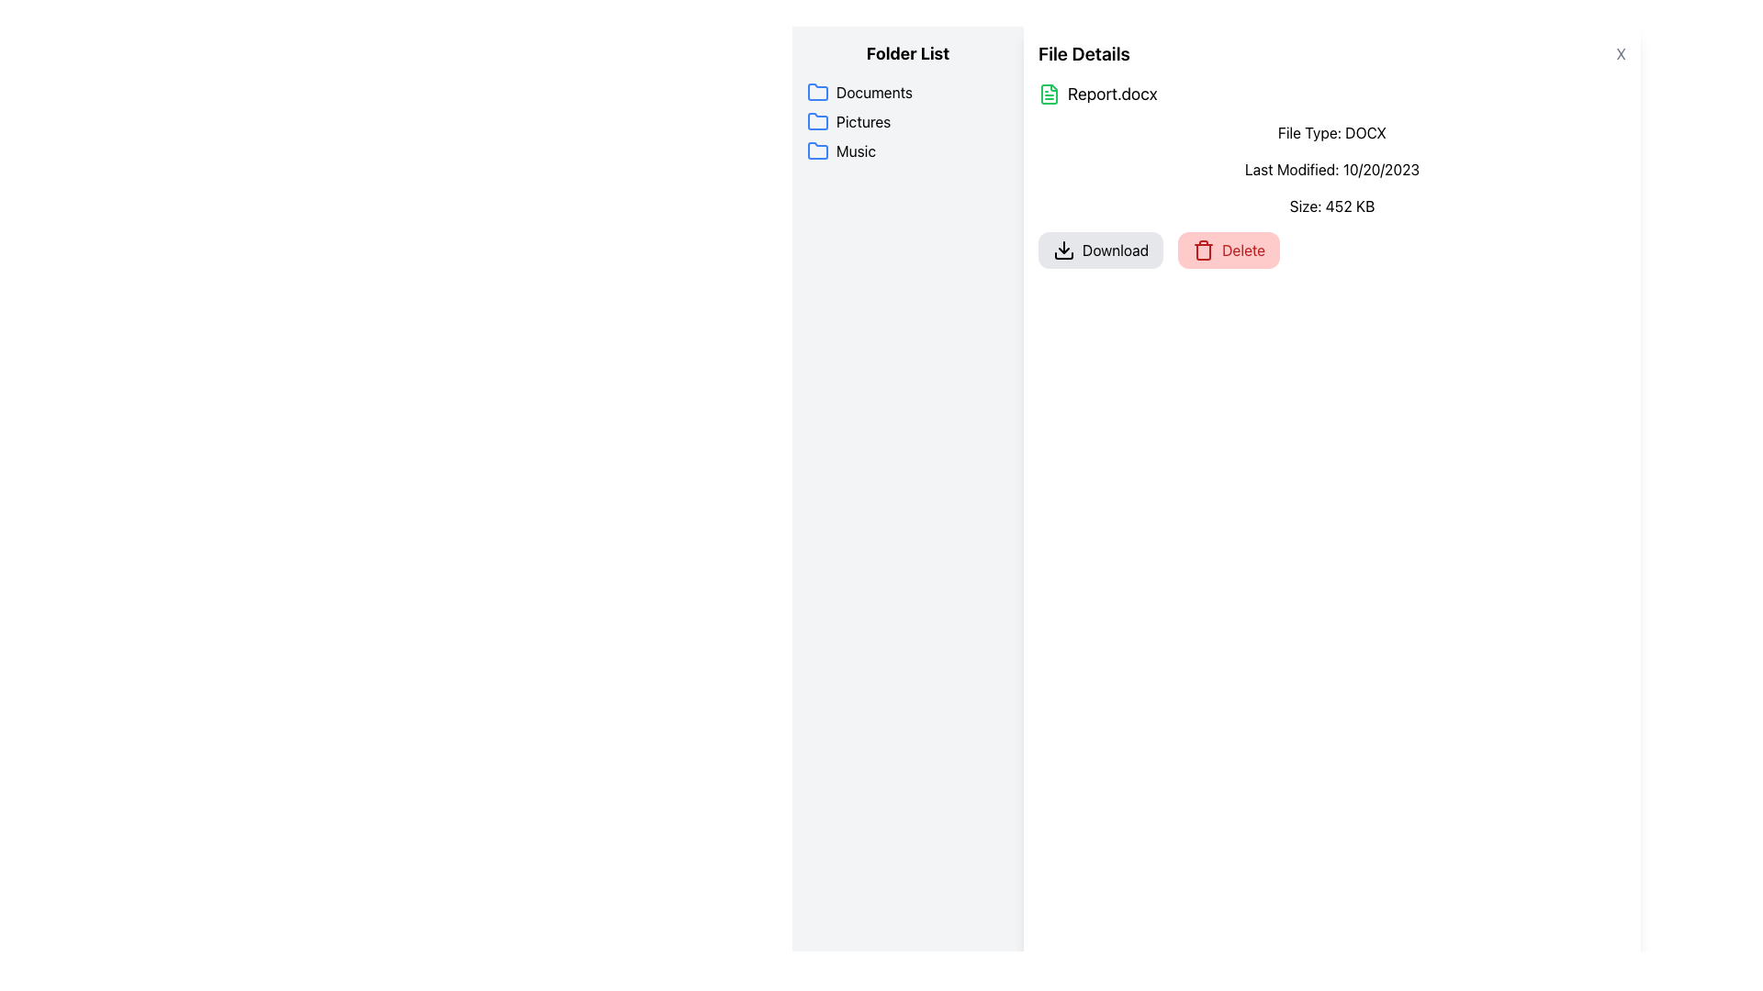  What do you see at coordinates (1229, 251) in the screenshot?
I see `the 'Delete' button with rounded corners, red background, and trash can icon` at bounding box center [1229, 251].